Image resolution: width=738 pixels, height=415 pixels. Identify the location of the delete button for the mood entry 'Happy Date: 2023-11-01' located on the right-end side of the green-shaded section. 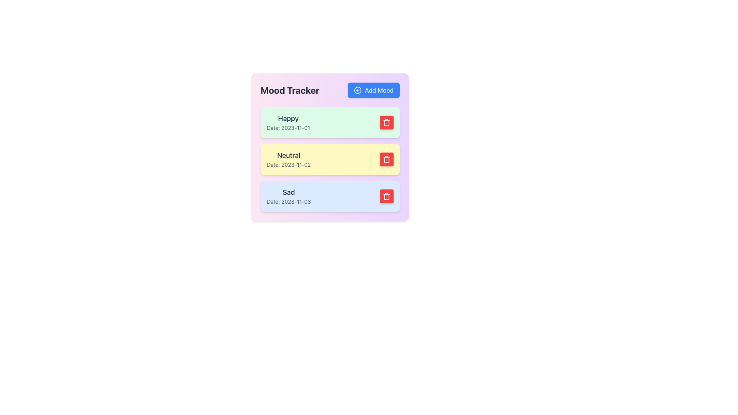
(387, 122).